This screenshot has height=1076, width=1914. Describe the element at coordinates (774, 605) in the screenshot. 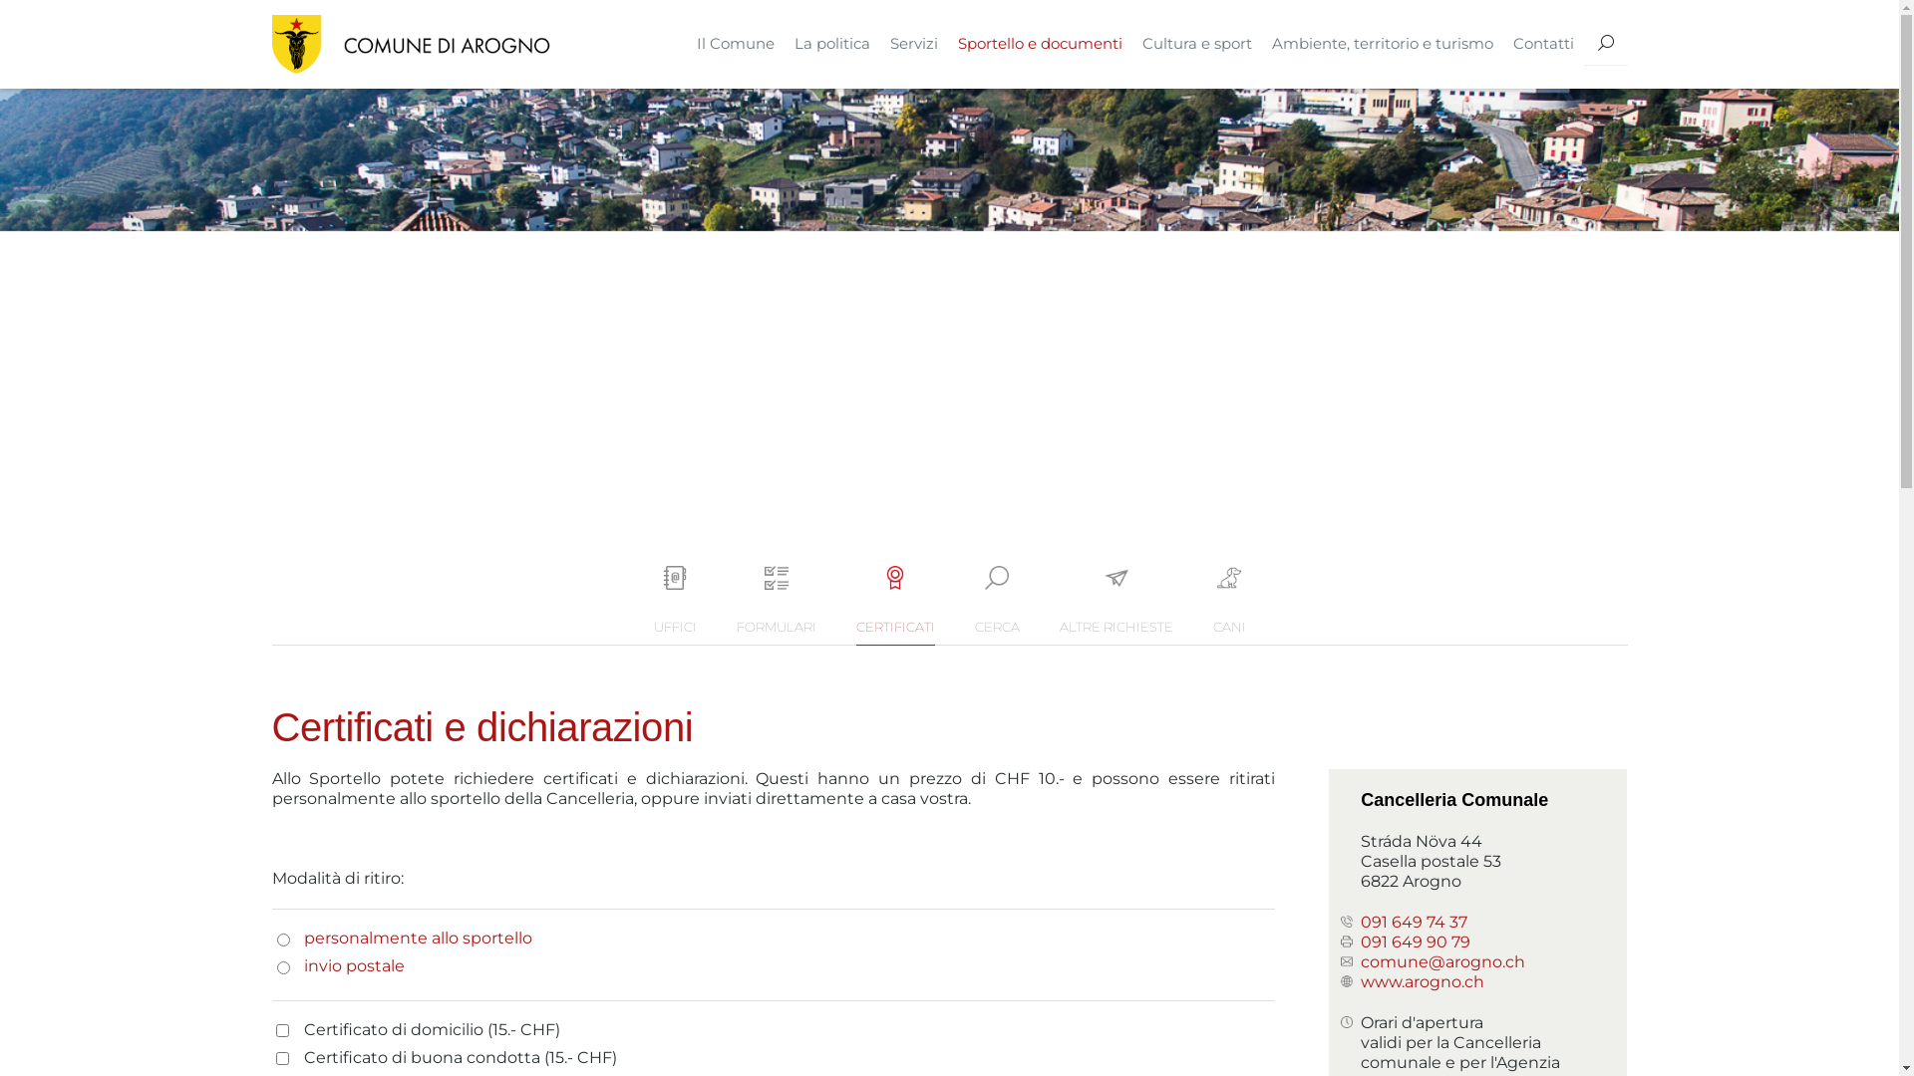

I see `'FORMULARI'` at that location.